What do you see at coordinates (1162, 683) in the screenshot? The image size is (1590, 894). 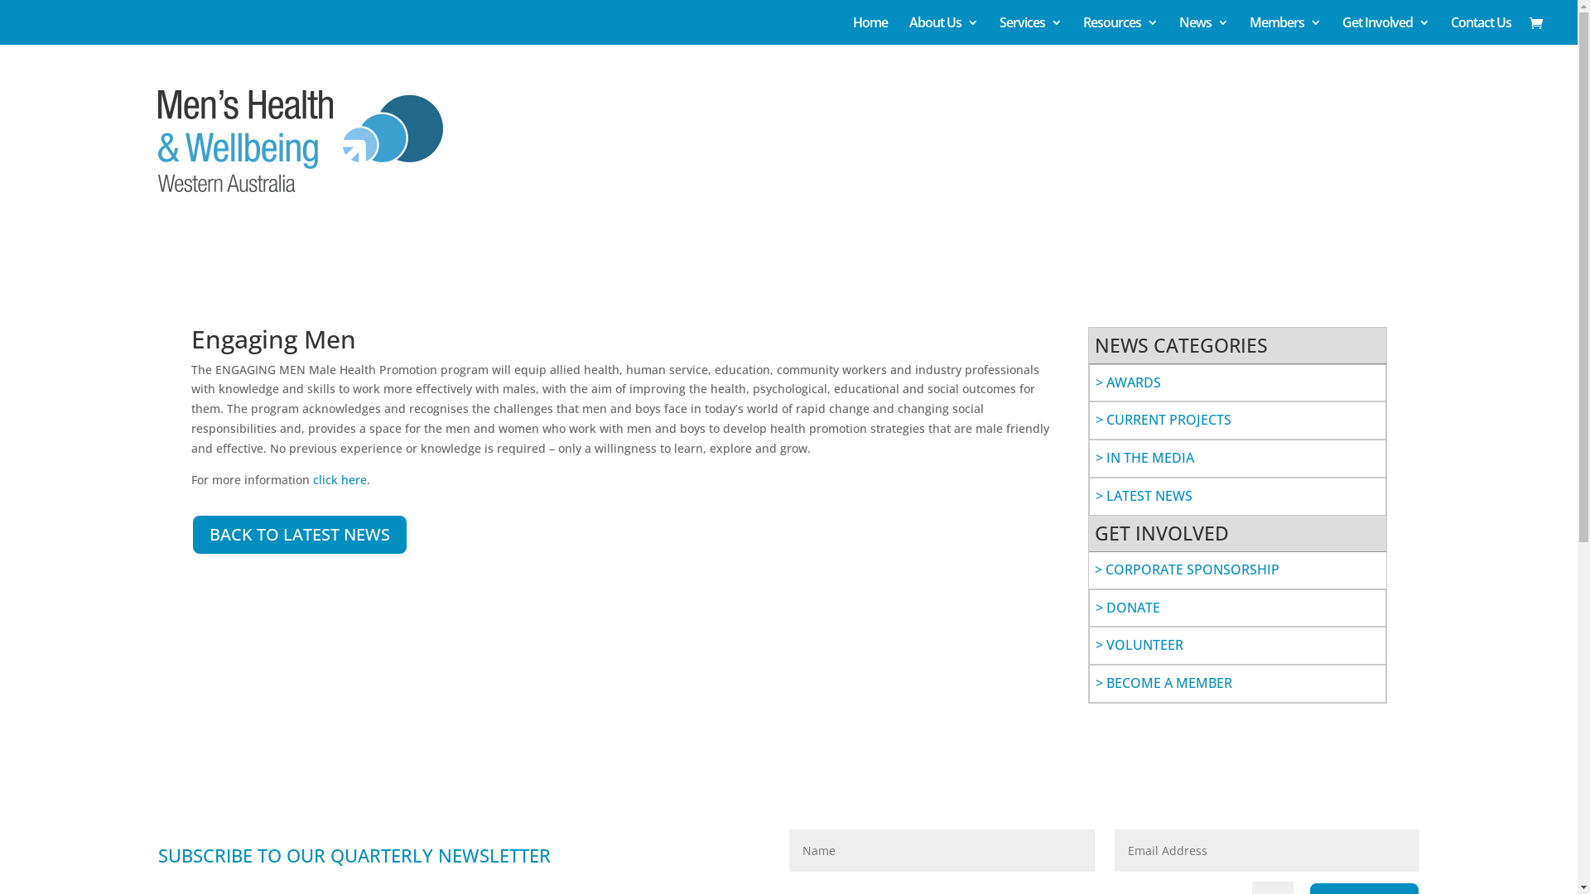 I see `'> BECOME A MEMBER'` at bounding box center [1162, 683].